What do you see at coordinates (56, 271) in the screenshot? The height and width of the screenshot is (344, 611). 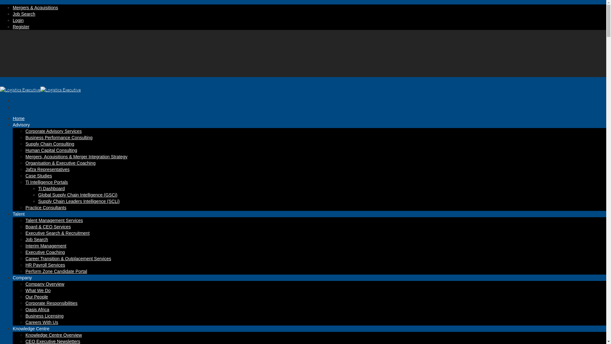 I see `'Perform Zone Candidate Portal'` at bounding box center [56, 271].